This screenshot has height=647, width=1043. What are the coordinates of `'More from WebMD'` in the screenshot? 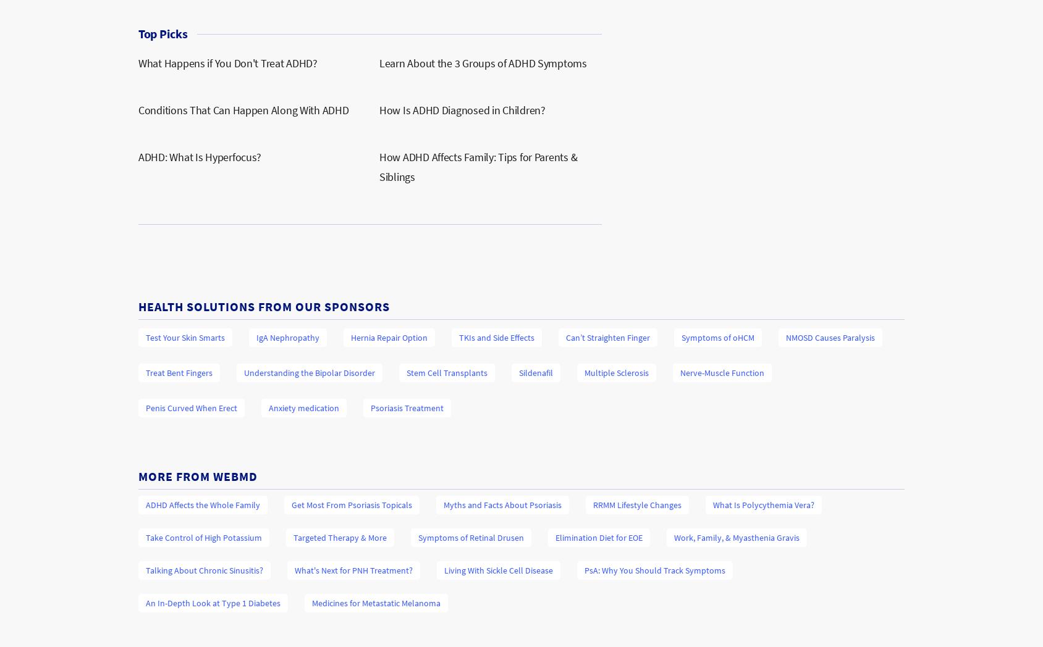 It's located at (137, 476).